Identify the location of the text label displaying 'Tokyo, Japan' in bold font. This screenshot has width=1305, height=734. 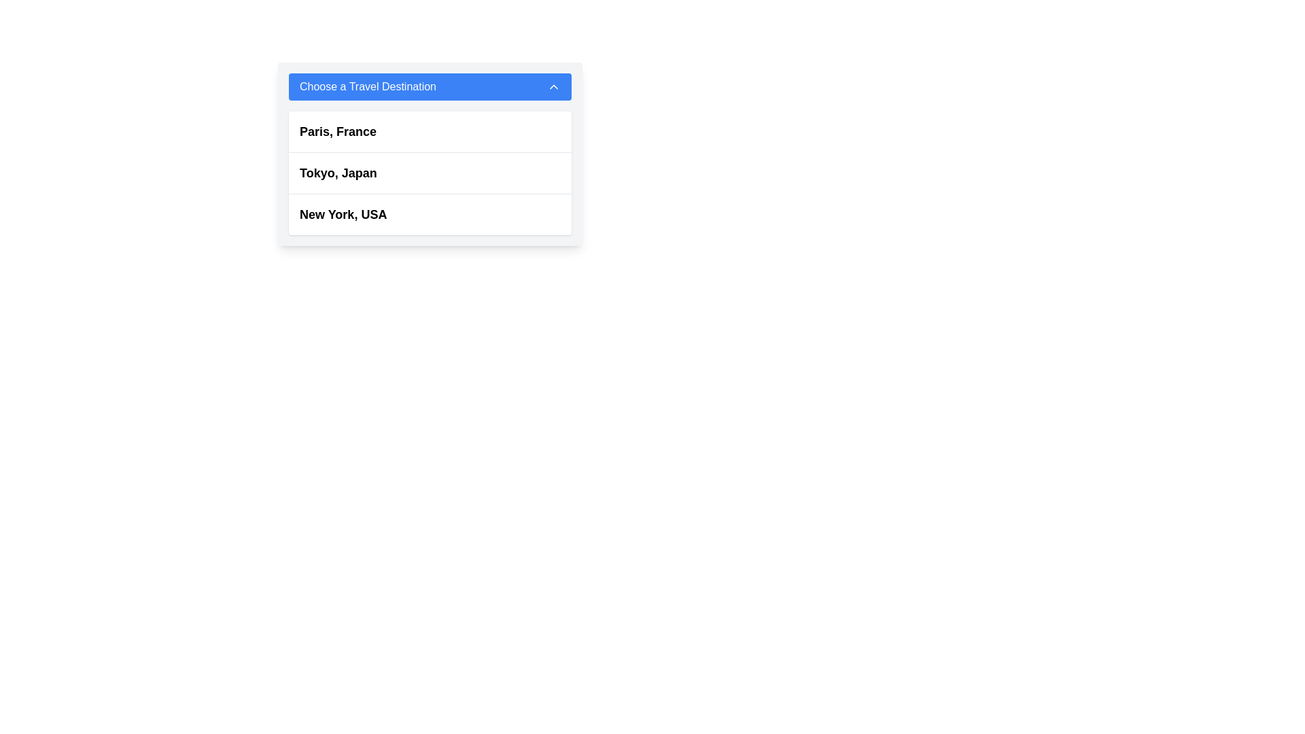
(338, 172).